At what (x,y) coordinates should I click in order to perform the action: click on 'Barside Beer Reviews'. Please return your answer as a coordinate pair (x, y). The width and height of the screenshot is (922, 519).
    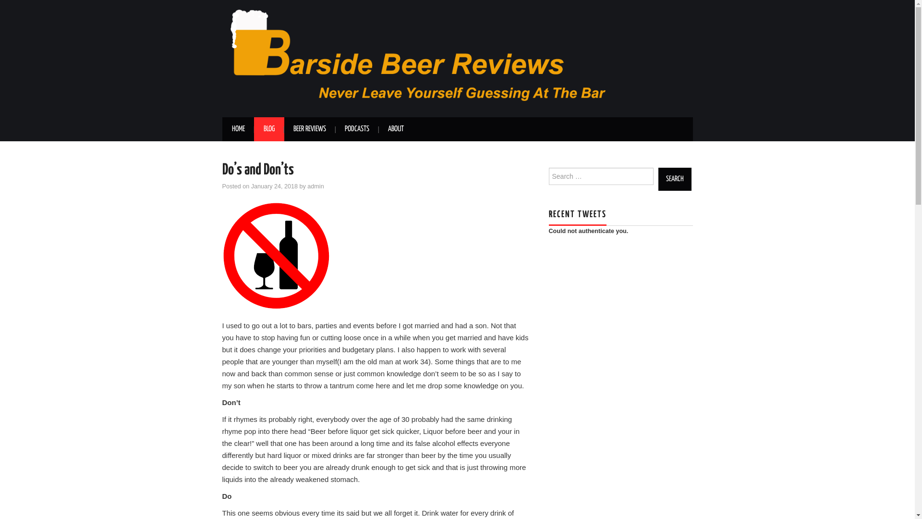
    Looking at the image, I should click on (456, 58).